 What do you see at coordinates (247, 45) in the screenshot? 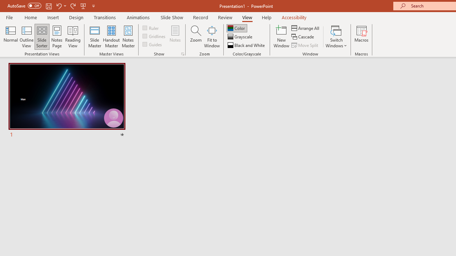
I see `'Black and White'` at bounding box center [247, 45].